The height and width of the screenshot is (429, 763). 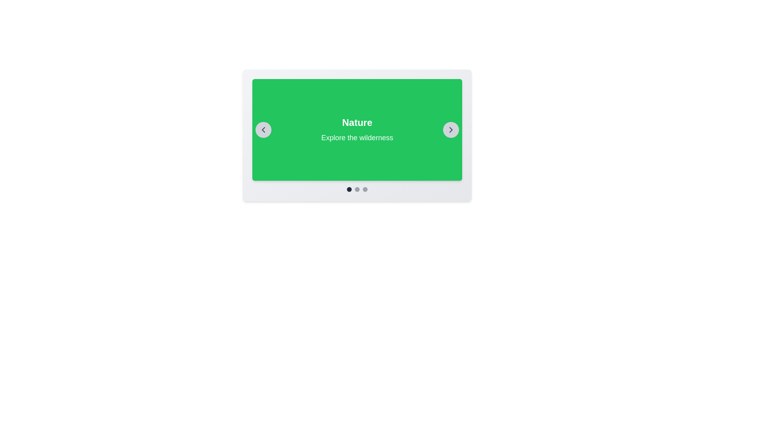 What do you see at coordinates (451, 129) in the screenshot?
I see `the navigation icon in the circular button located at the top-right corner of the carousel to move forward in the slideshow` at bounding box center [451, 129].